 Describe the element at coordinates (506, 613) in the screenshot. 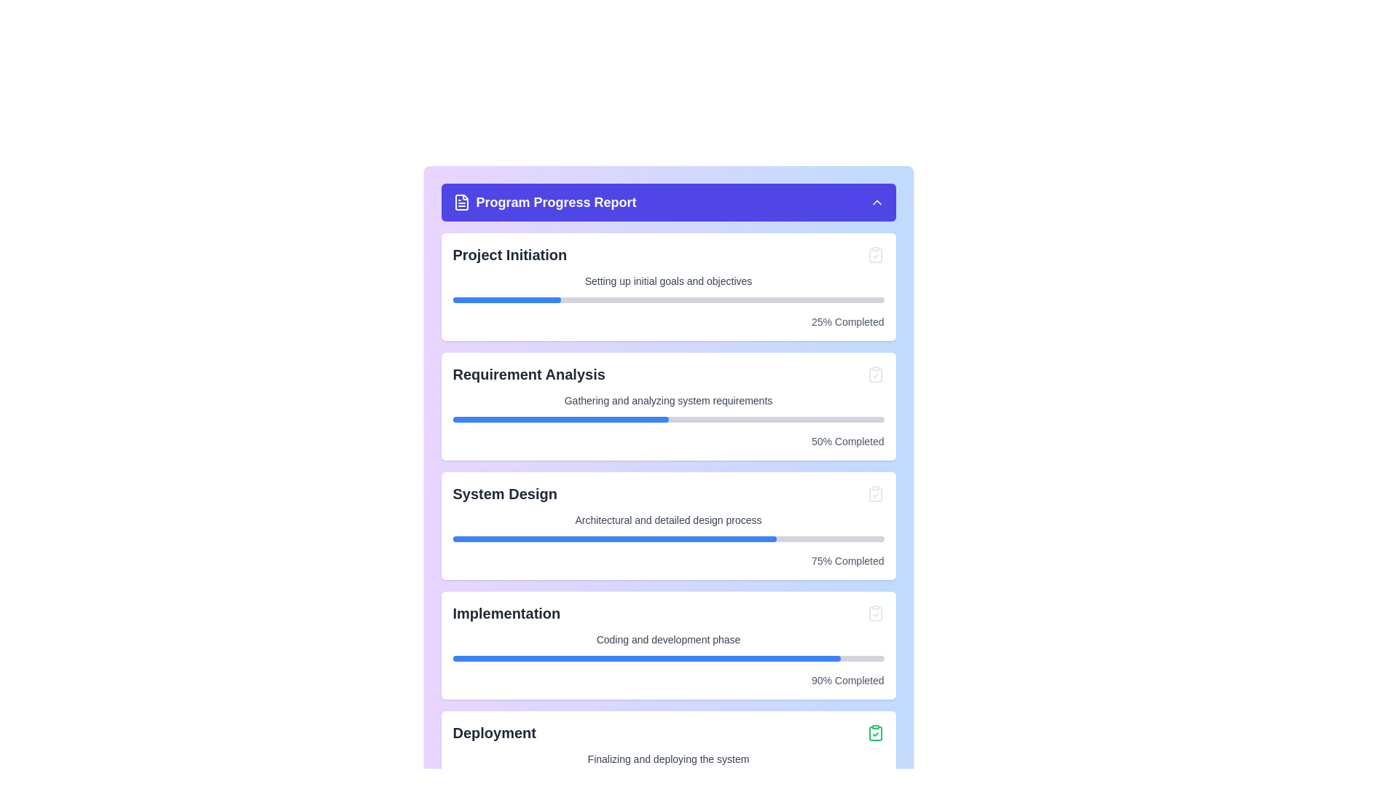

I see `the bold, large dark gray text label displaying 'Implementation' that is located prominently above a progress bar and aligned with an icon to its right` at that location.